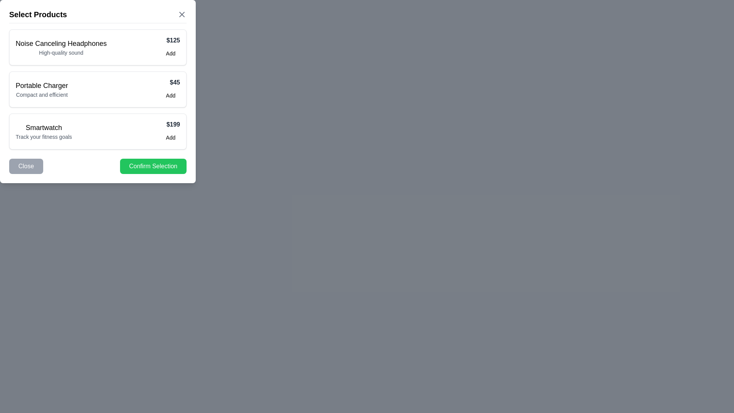 The image size is (734, 413). I want to click on the 'Add' button with a white font on a blue background located to the right of the '$45' price for the 'Portable Charger' item, which is the second button in the list, so click(170, 95).